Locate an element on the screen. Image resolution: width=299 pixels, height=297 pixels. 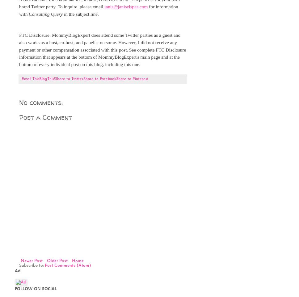
'Newer Post' is located at coordinates (20, 261).